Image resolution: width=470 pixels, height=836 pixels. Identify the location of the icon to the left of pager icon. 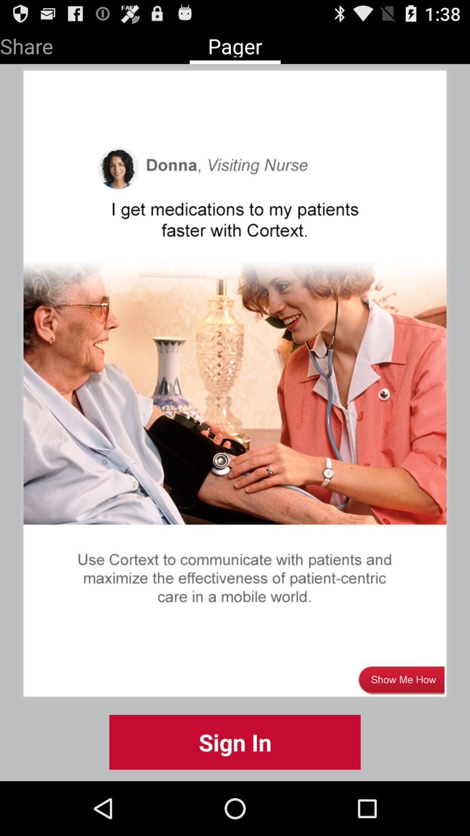
(26, 44).